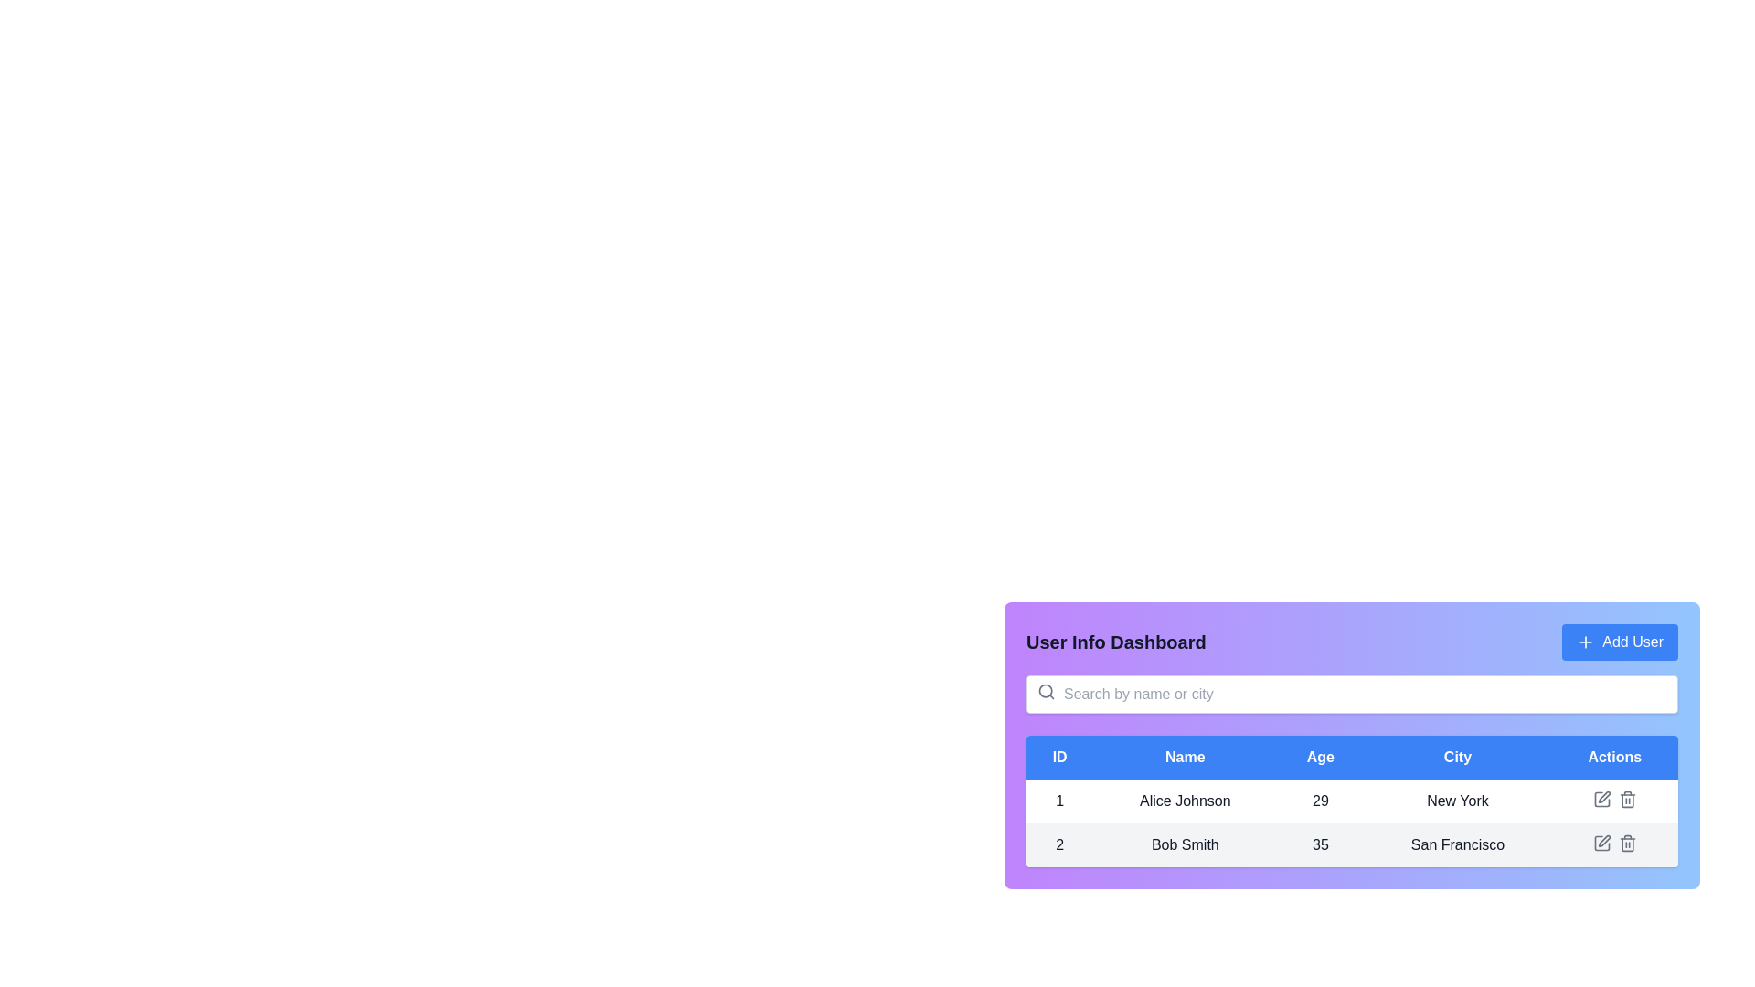 This screenshot has width=1755, height=987. Describe the element at coordinates (1320, 845) in the screenshot. I see `the text label displaying the numeric value '35' in the second row of the data table under the 'Age' header, which corresponds to the user 'Bob Smith'` at that location.